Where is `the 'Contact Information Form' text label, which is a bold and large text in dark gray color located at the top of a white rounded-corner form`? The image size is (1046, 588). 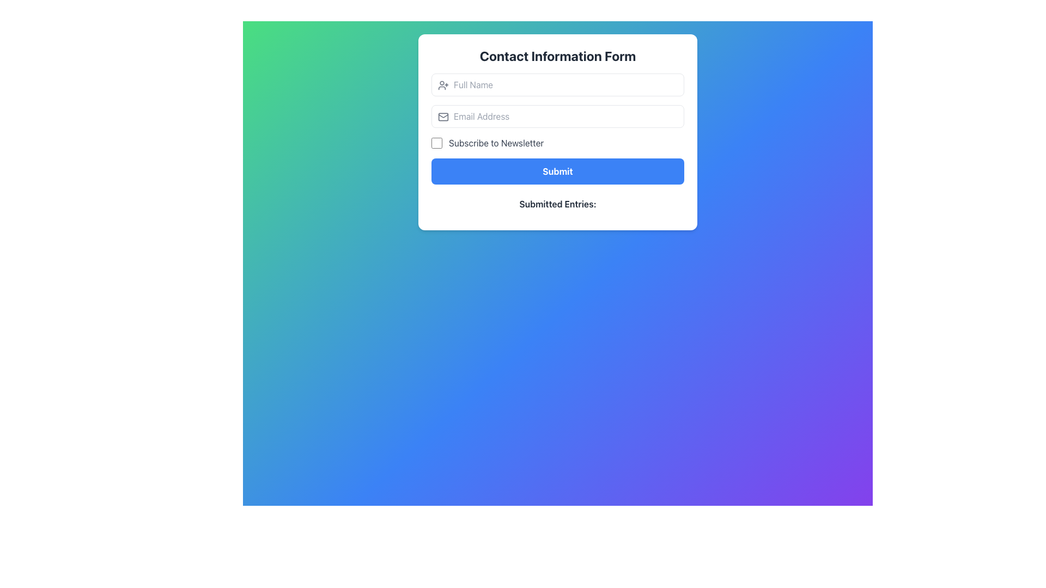 the 'Contact Information Form' text label, which is a bold and large text in dark gray color located at the top of a white rounded-corner form is located at coordinates (557, 56).